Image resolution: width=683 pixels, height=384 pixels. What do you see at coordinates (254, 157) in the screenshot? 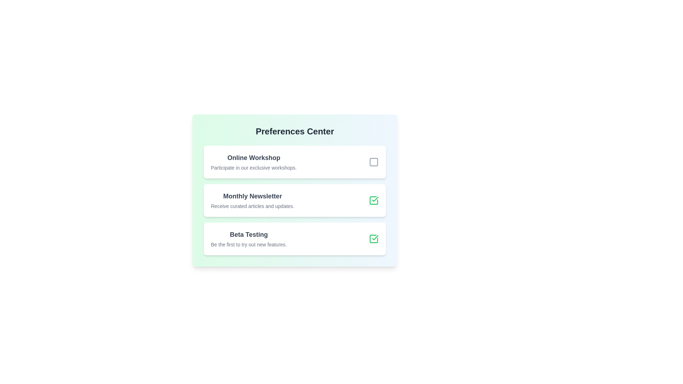
I see `the title text that identifies an option within the preferences selection panel, located at the top left corner above 'Monthly Newsletter' and 'Beta Testing.'` at bounding box center [254, 157].